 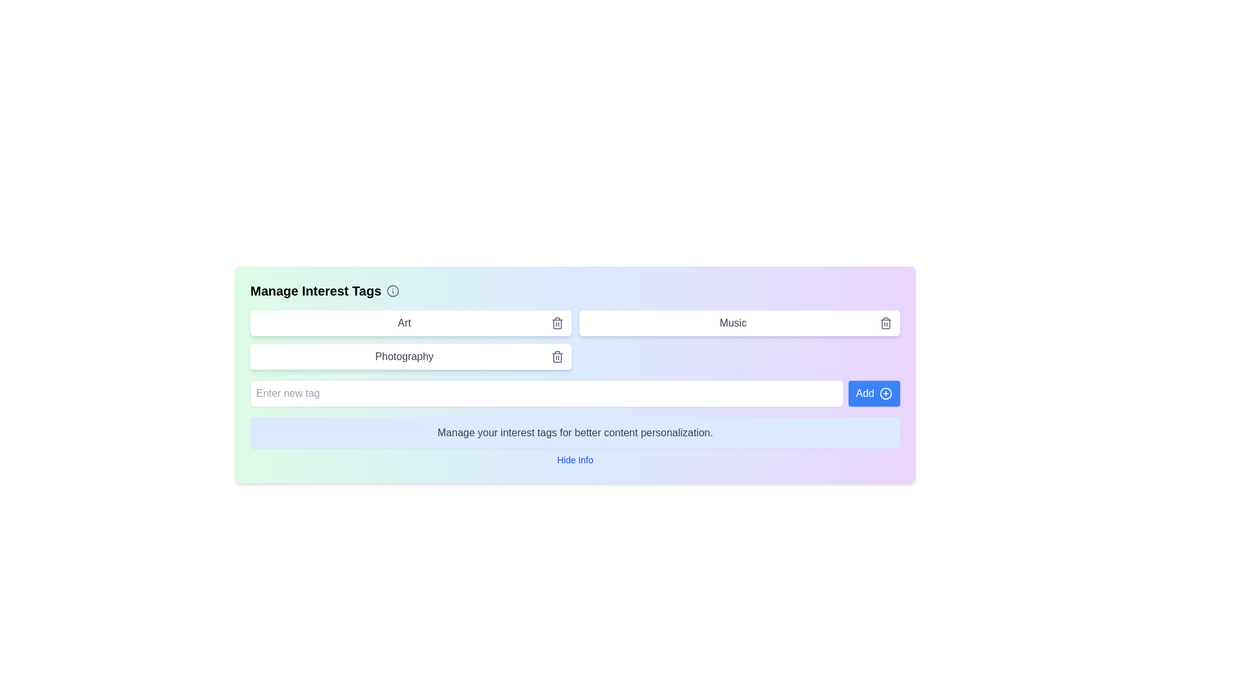 What do you see at coordinates (885, 323) in the screenshot?
I see `the delete icon button located on the far right of the interest tag 'Music'` at bounding box center [885, 323].